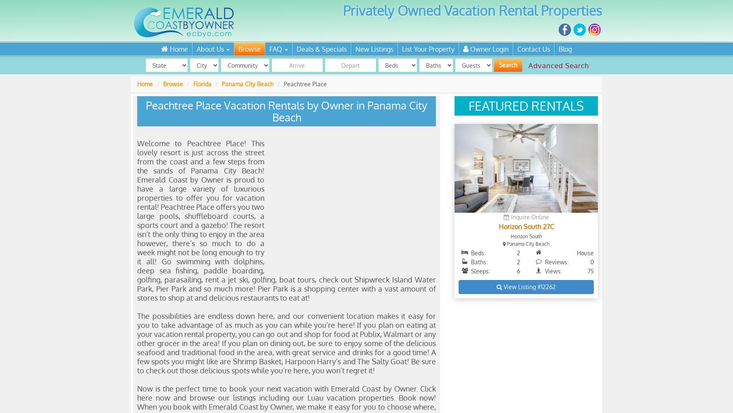 This screenshot has height=413, width=733. Describe the element at coordinates (211, 49) in the screenshot. I see `'About Us'` at that location.